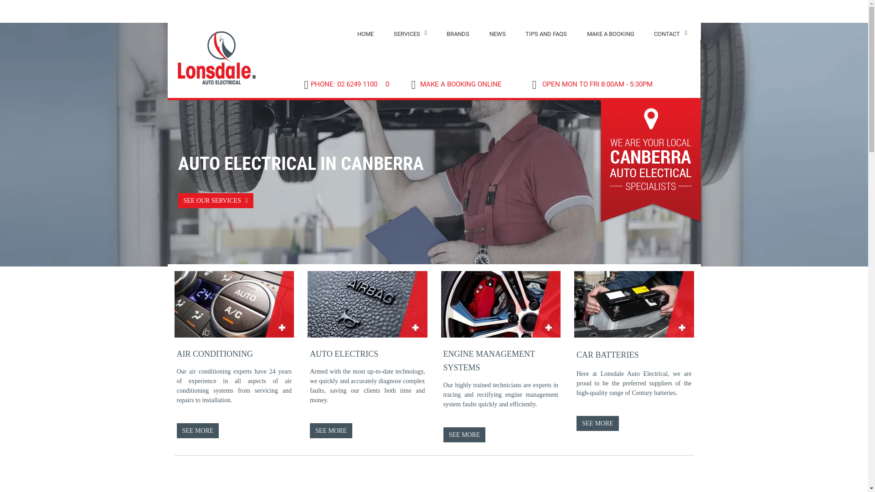  I want to click on 'NEWS', so click(497, 33).